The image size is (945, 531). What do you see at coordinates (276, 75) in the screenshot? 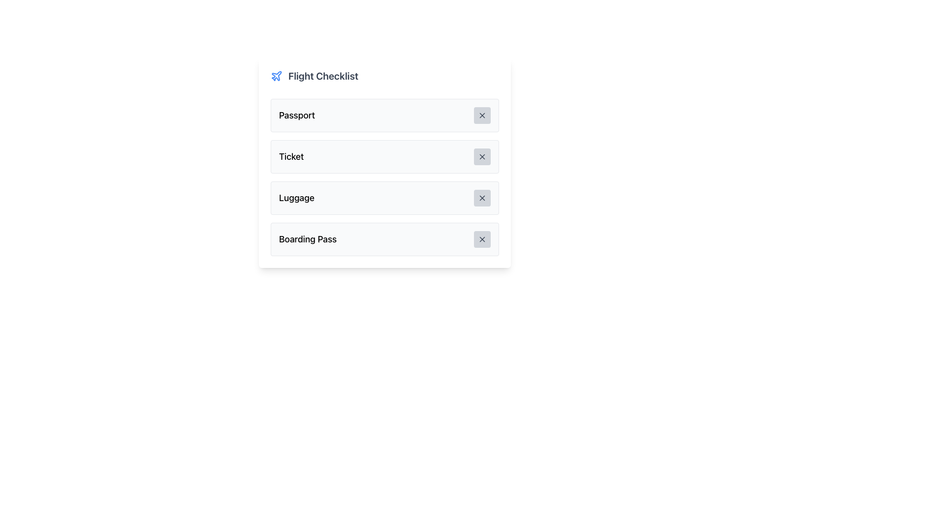
I see `the airplane icon, which is styled in blue and outlined, located in the header titled 'Flight Checklist'` at bounding box center [276, 75].